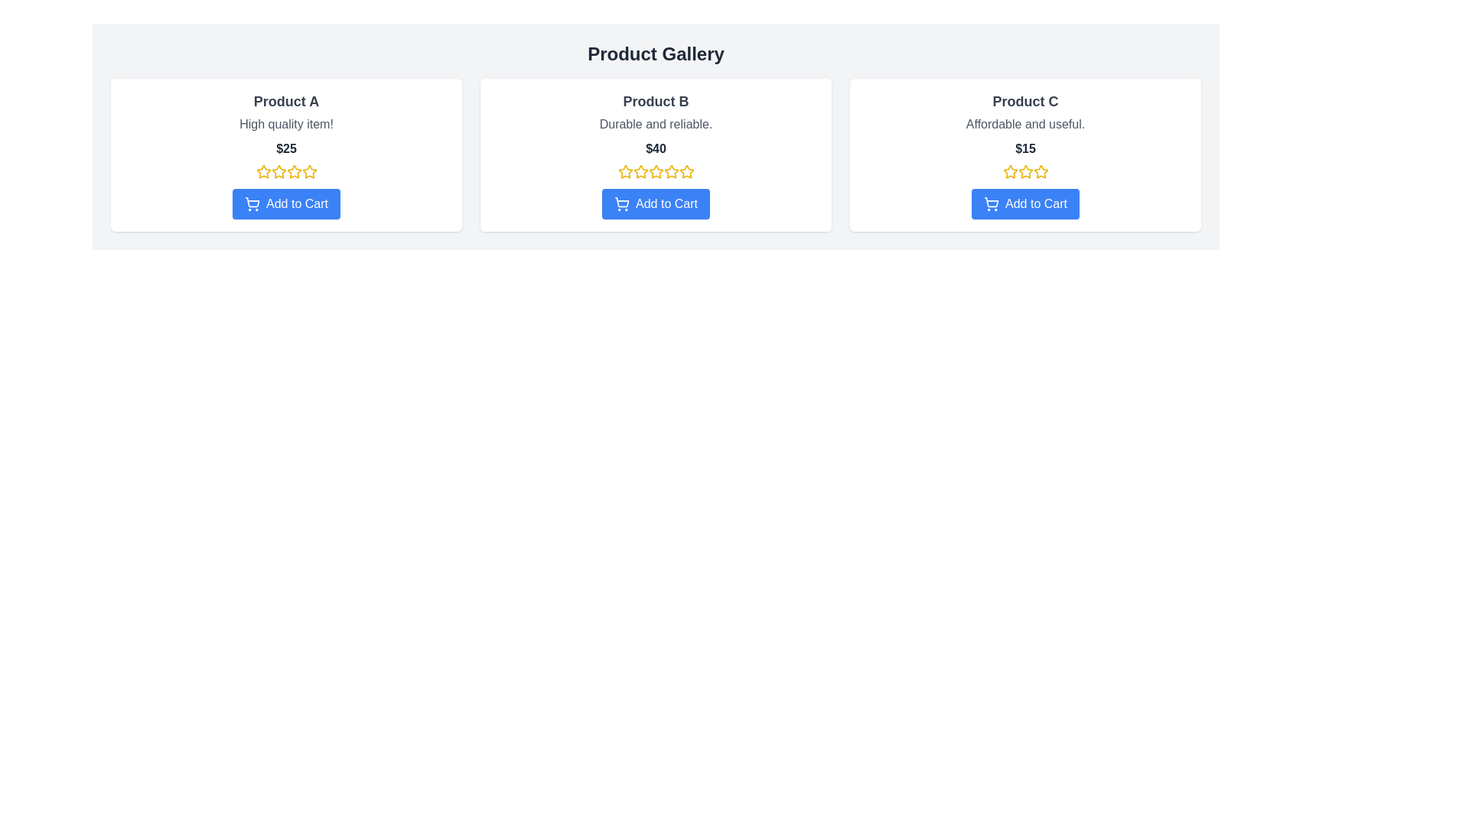 The height and width of the screenshot is (826, 1469). Describe the element at coordinates (1040, 171) in the screenshot. I see `the third star icon in the rating component under 'Product C' to rate it` at that location.